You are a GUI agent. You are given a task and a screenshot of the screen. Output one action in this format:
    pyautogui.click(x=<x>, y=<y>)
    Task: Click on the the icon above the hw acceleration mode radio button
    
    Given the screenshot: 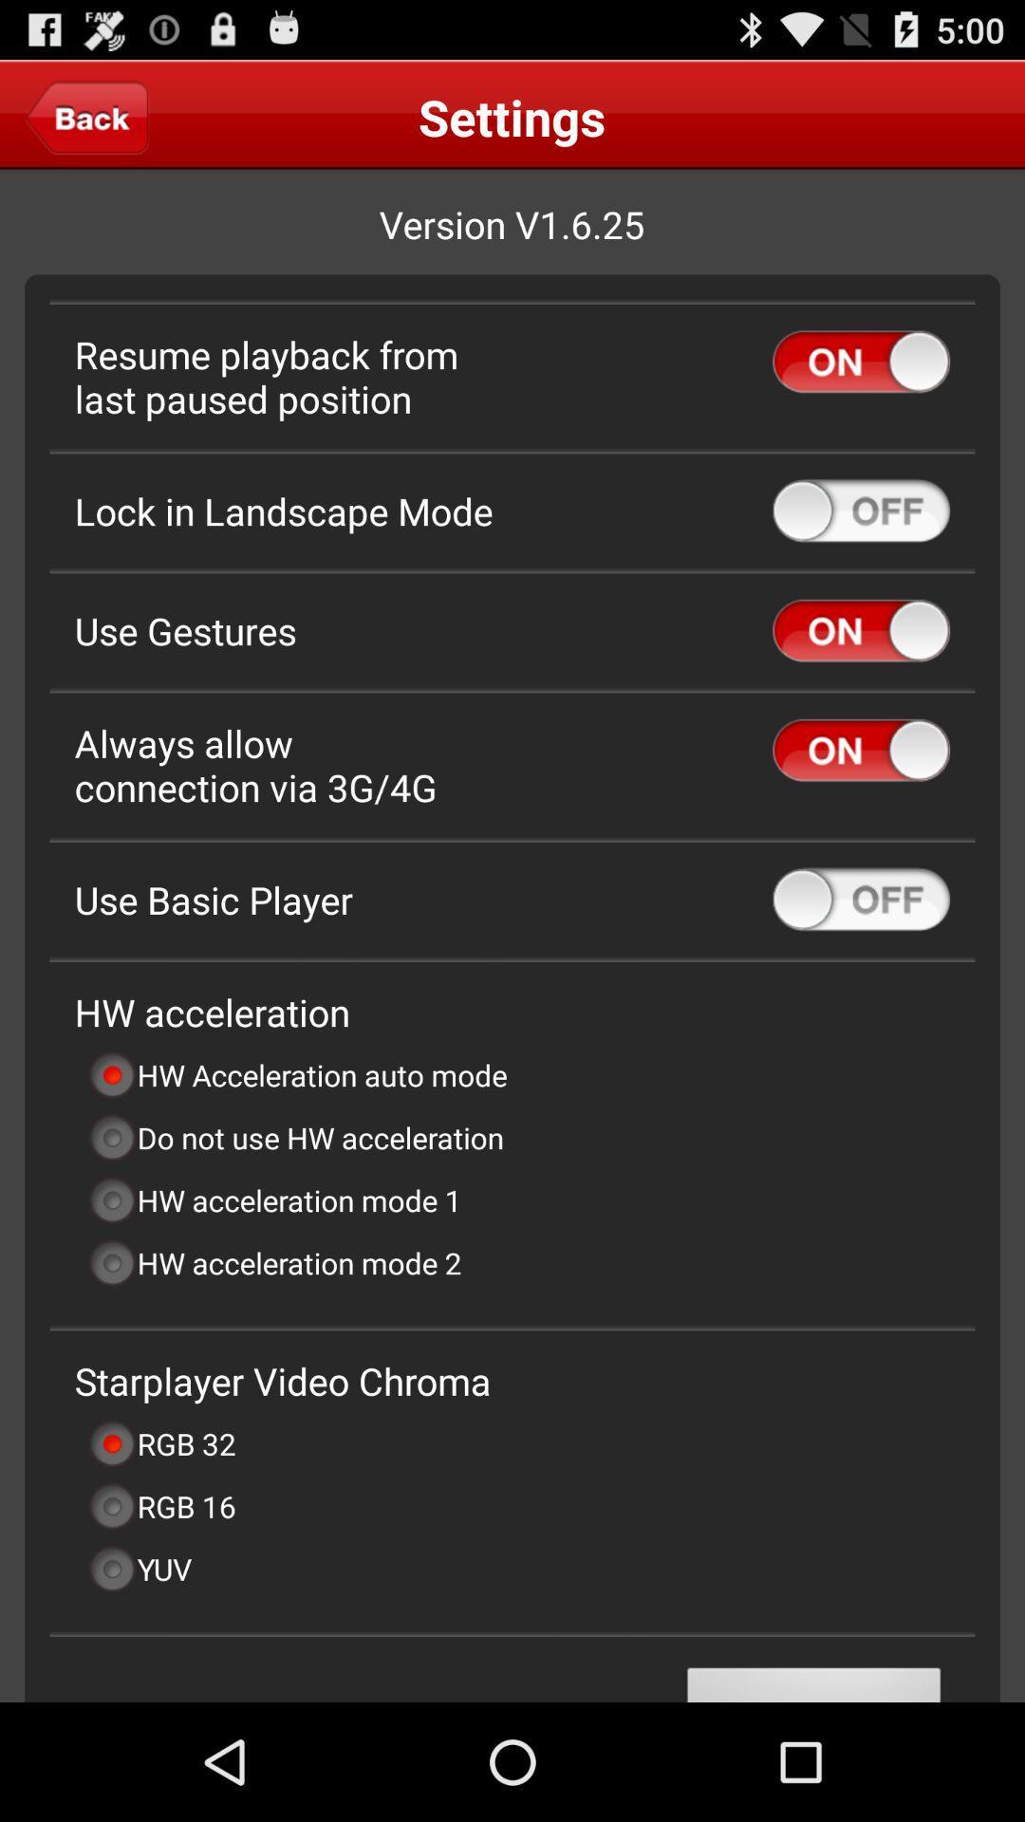 What is the action you would take?
    pyautogui.click(x=295, y=1138)
    